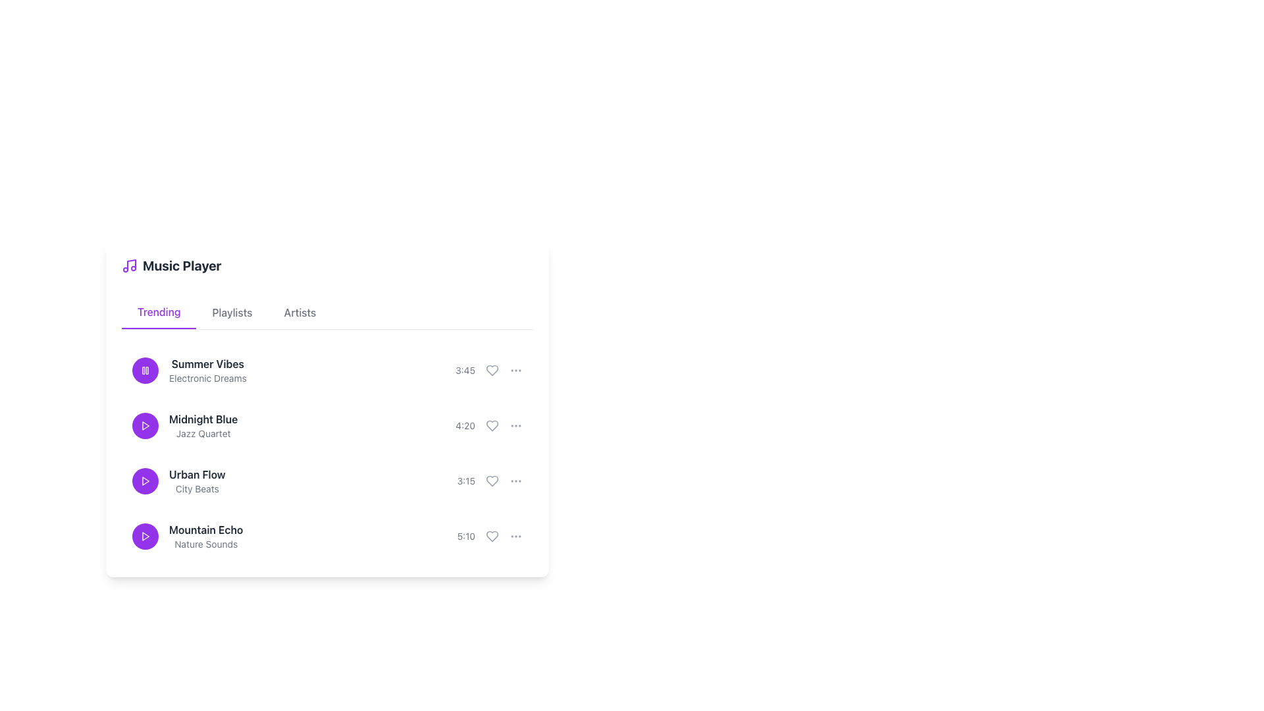 This screenshot has width=1264, height=711. I want to click on the purple circular pause button located at the bottom center of the interface to halt media playback, so click(145, 371).